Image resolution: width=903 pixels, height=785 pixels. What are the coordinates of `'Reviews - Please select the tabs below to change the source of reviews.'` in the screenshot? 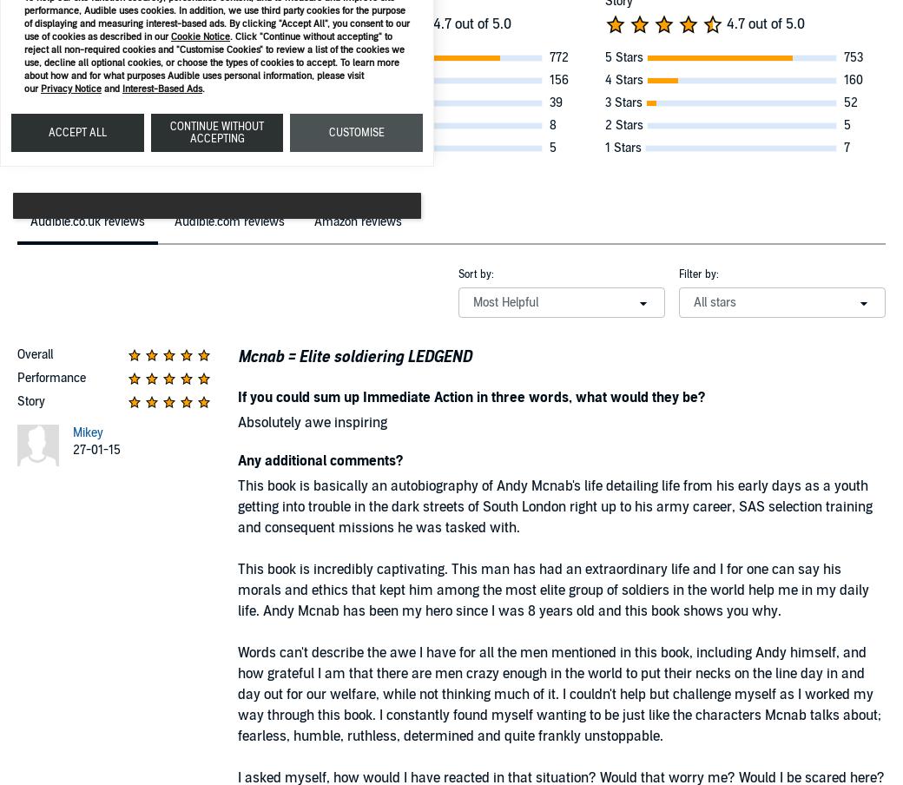 It's located at (211, 221).